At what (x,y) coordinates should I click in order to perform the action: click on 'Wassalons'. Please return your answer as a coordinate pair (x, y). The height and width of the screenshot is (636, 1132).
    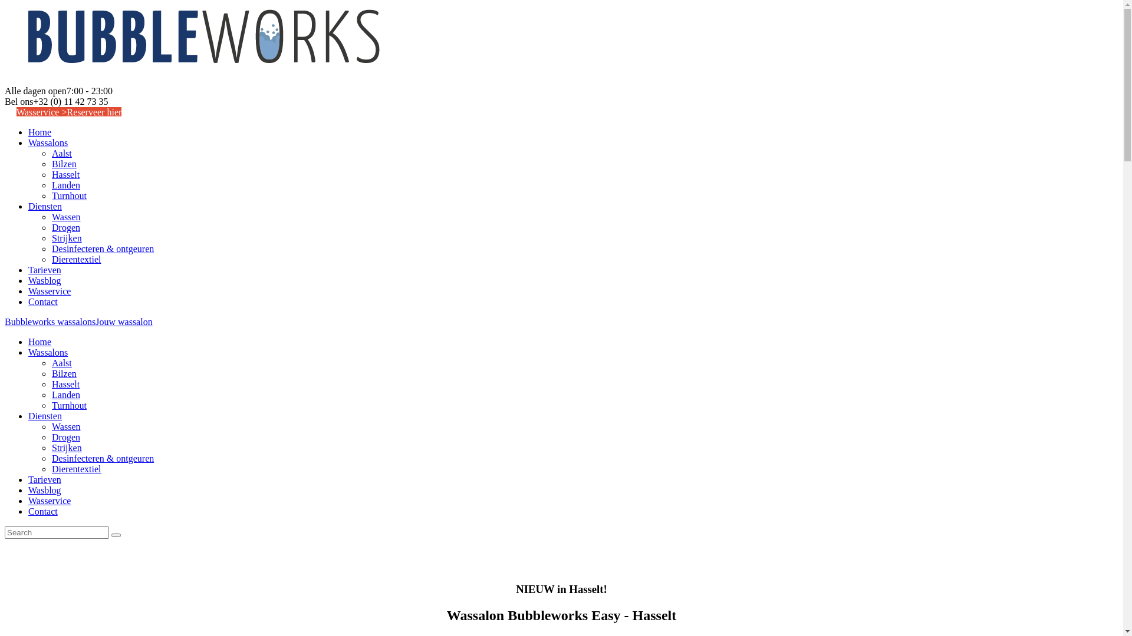
    Looking at the image, I should click on (47, 352).